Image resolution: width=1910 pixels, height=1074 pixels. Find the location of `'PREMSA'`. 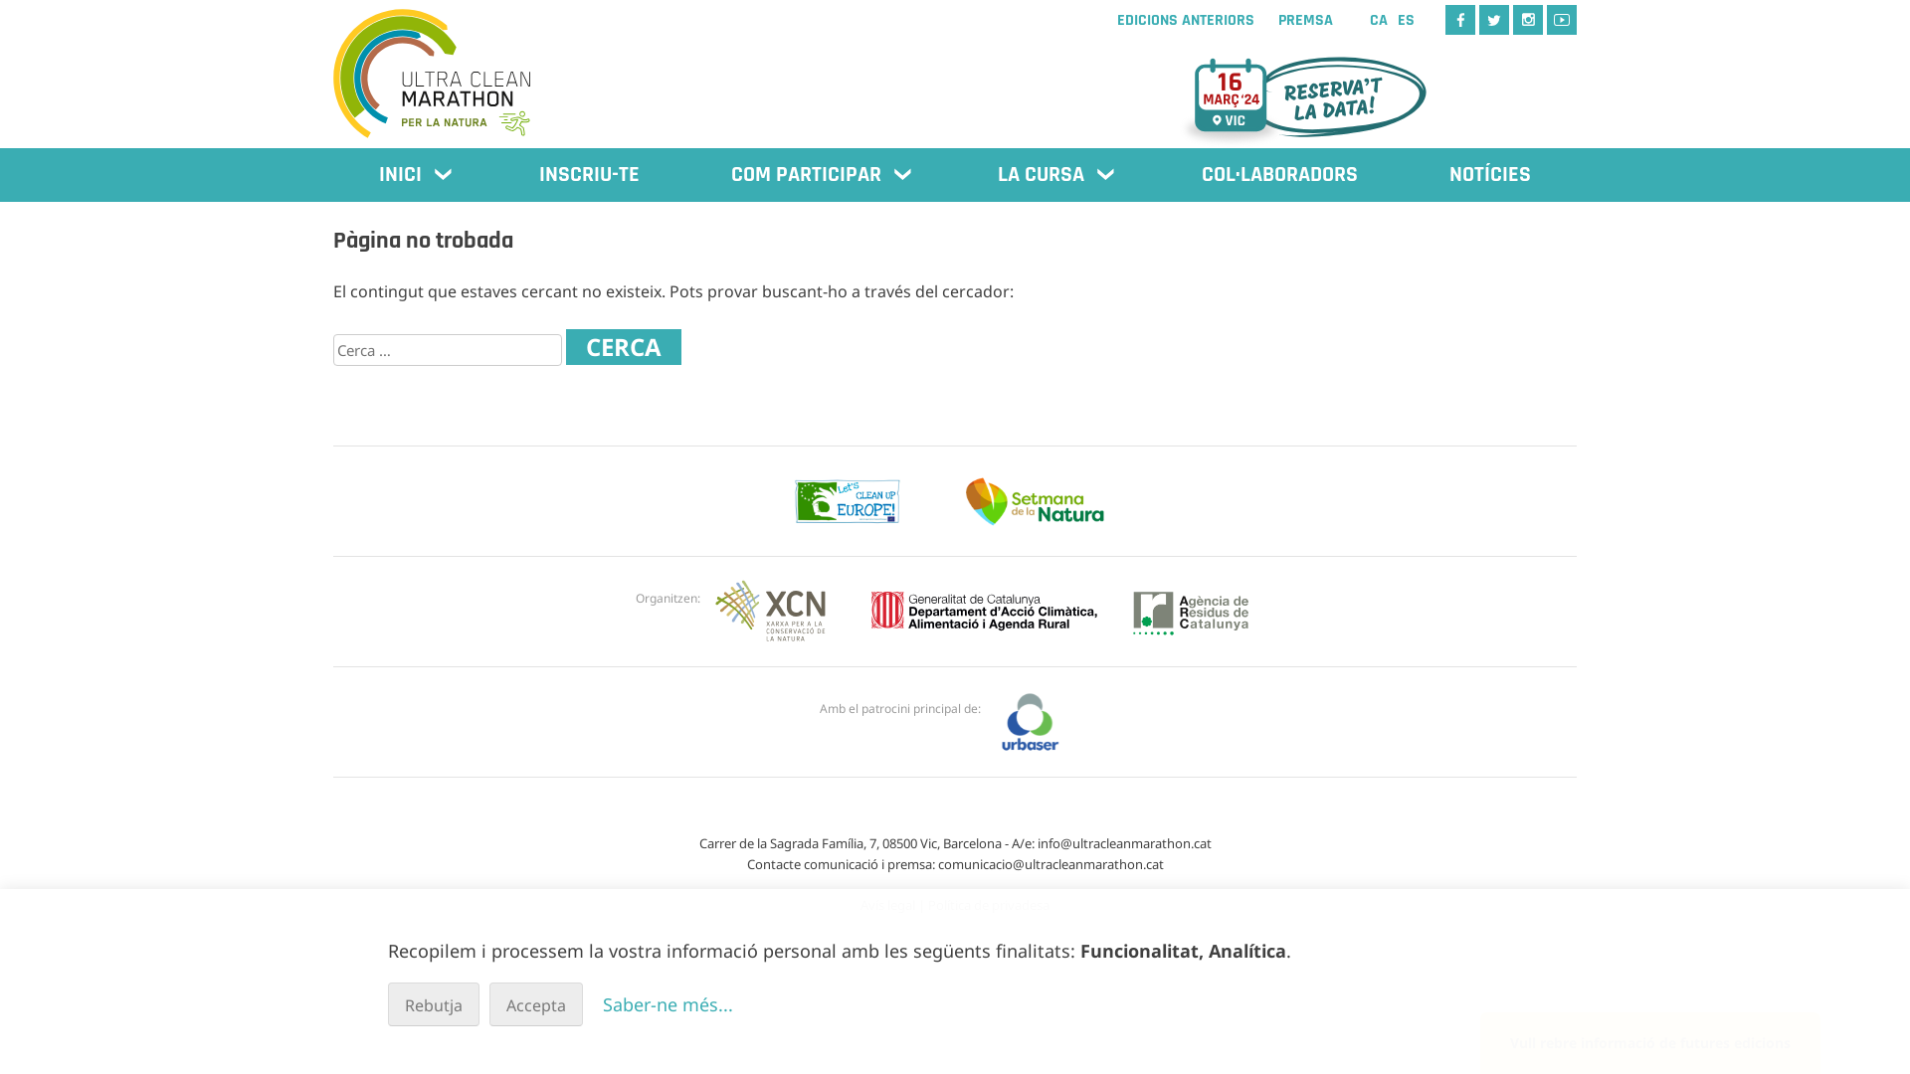

'PREMSA' is located at coordinates (1305, 20).